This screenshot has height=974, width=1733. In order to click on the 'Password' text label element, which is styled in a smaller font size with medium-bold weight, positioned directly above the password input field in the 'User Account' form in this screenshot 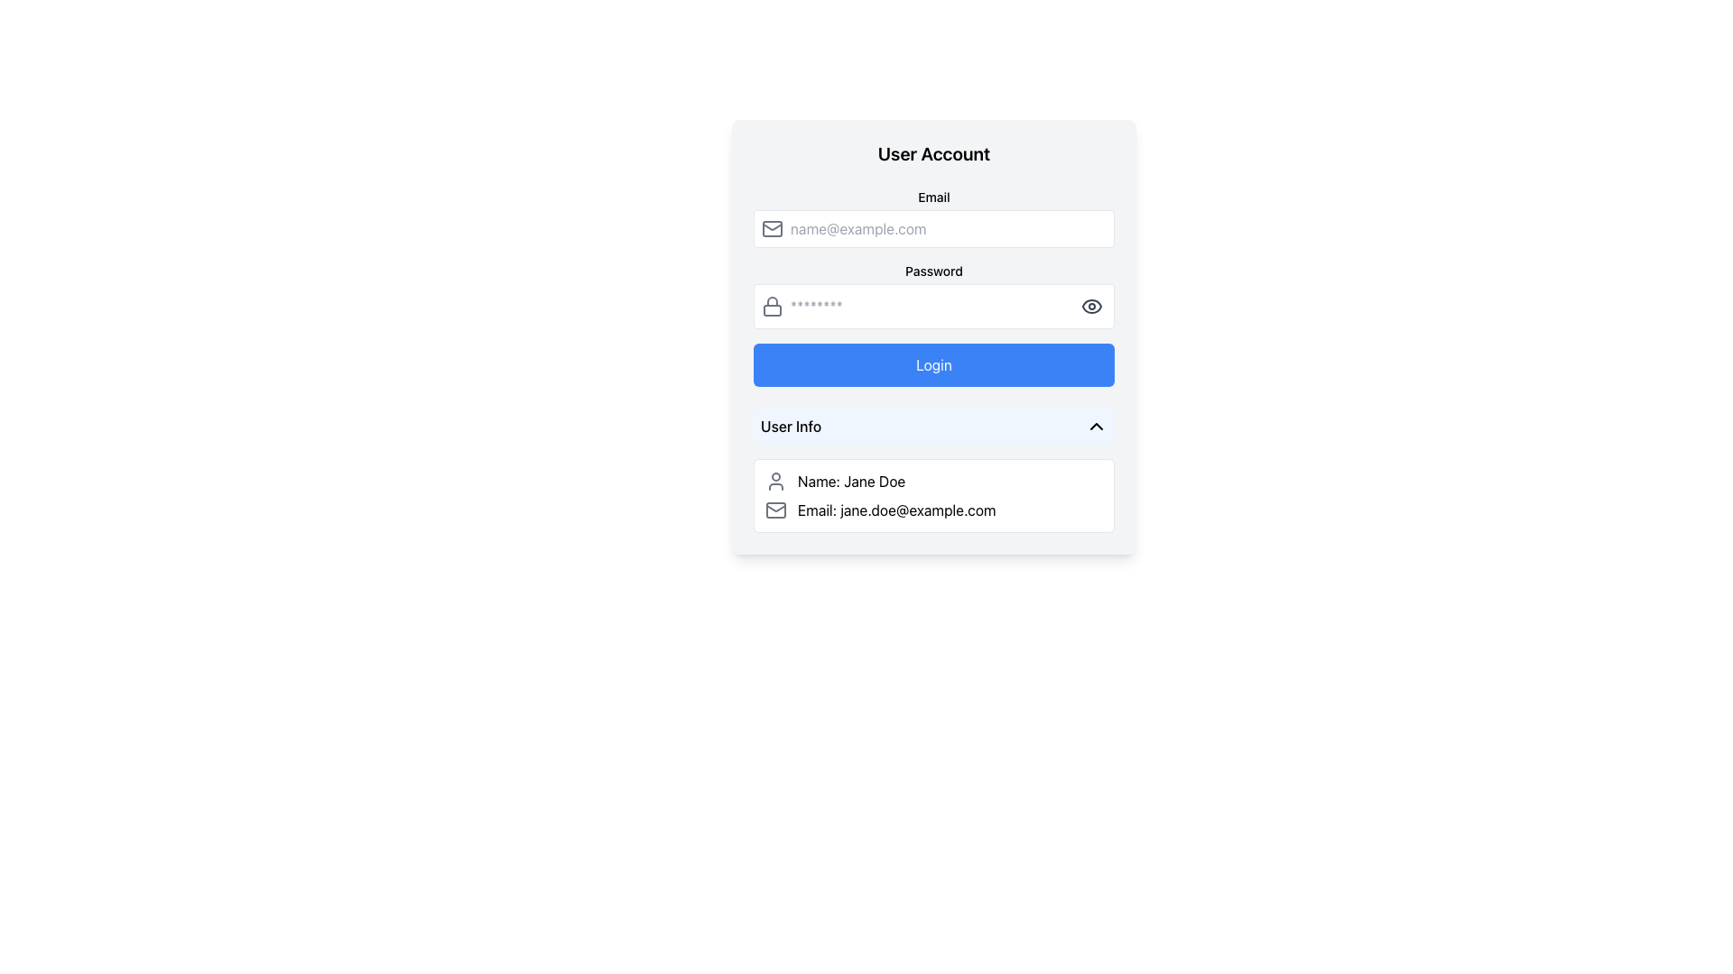, I will do `click(934, 271)`.